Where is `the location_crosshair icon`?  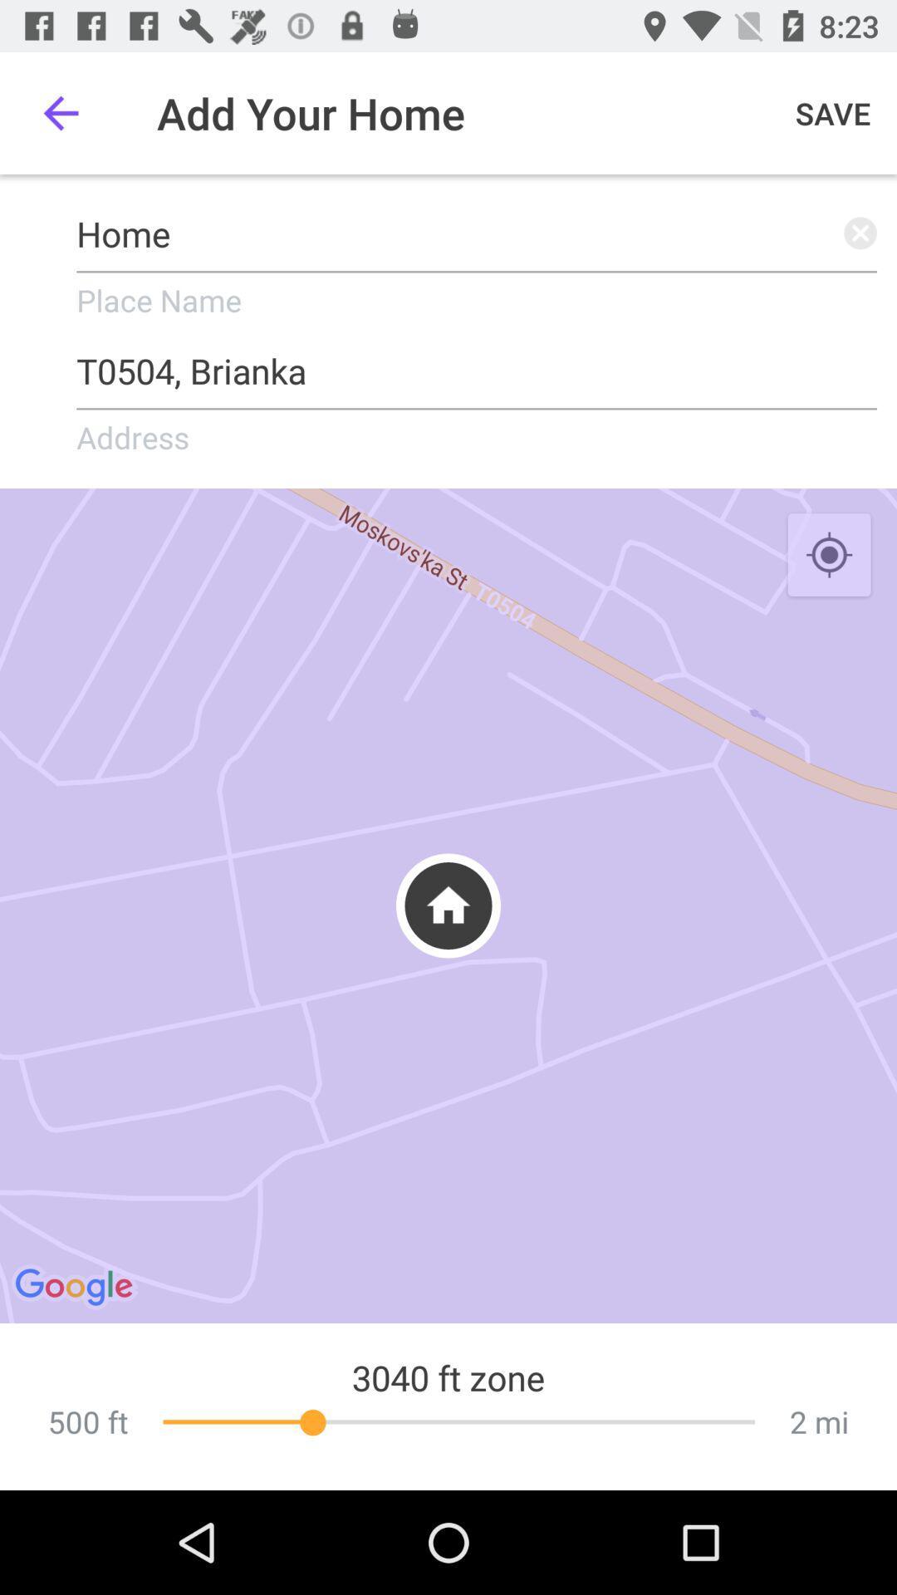
the location_crosshair icon is located at coordinates (829, 556).